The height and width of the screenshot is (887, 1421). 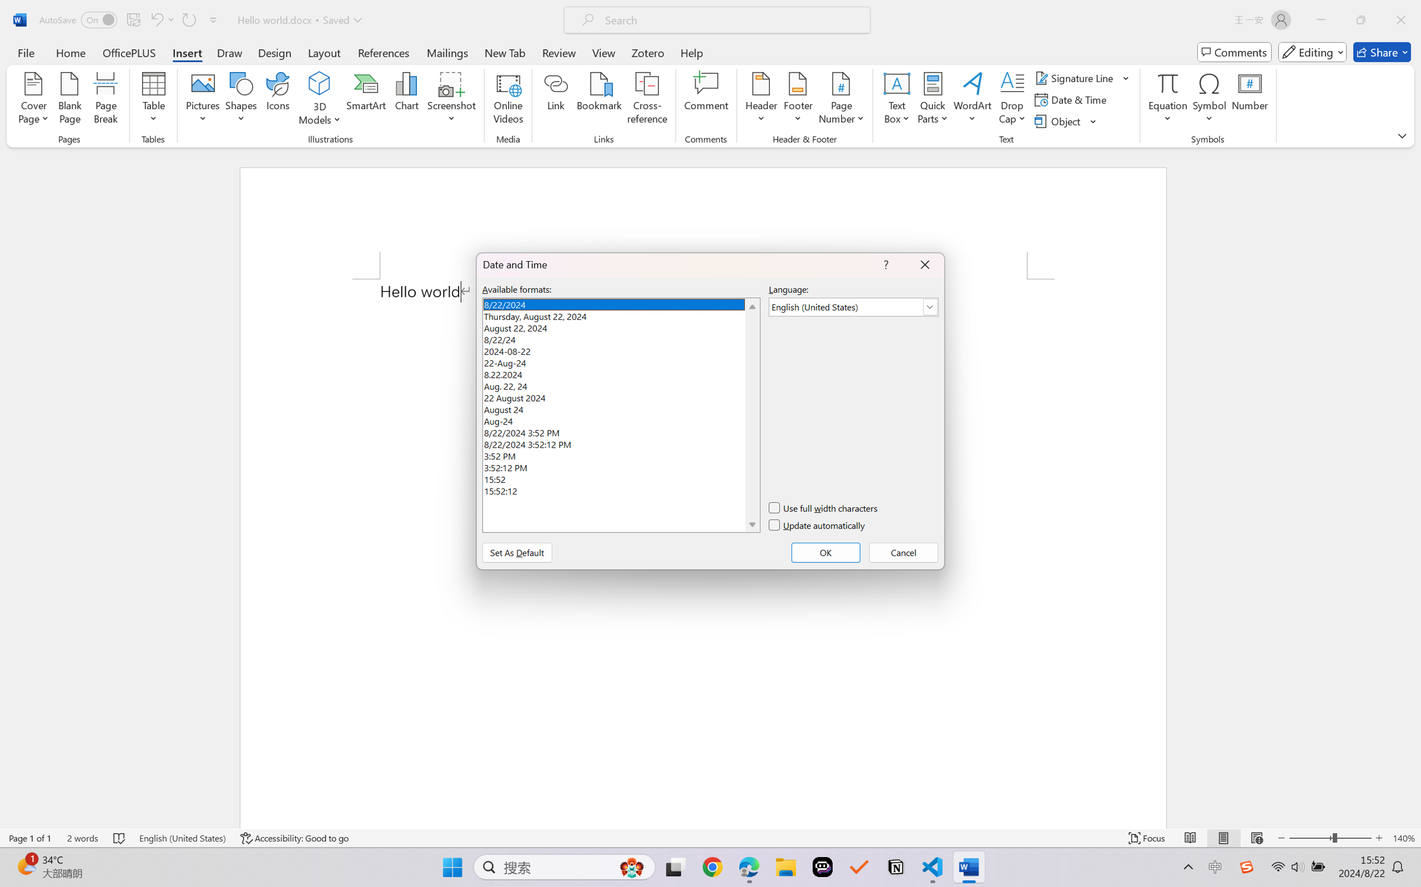 I want to click on 'Comment', so click(x=706, y=100).